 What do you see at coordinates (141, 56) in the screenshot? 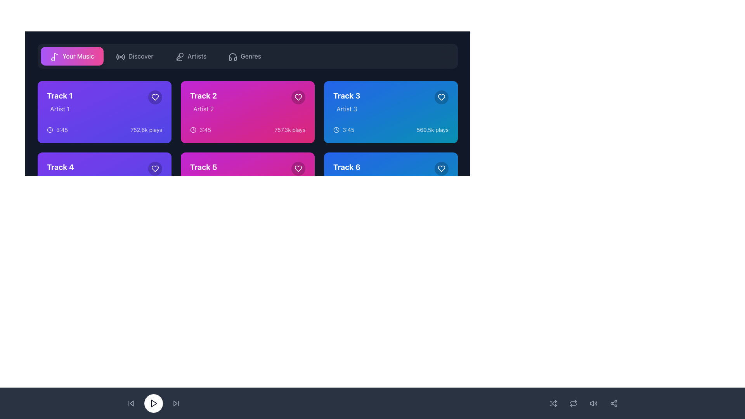
I see `the navigation link for the 'Discover' section located in the top navigation bar, positioned between 'Your Music' and 'Artists'` at bounding box center [141, 56].